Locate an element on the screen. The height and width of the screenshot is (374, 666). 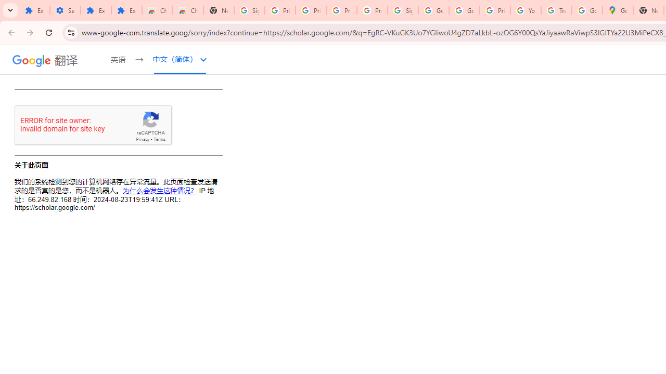
'Chrome Web Store' is located at coordinates (157, 10).